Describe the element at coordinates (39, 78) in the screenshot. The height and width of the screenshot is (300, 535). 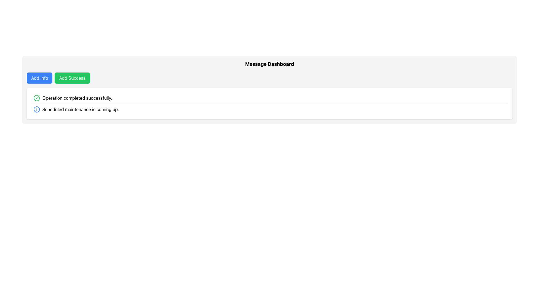
I see `the rectangular button with a blue background labeled 'Add Info'` at that location.